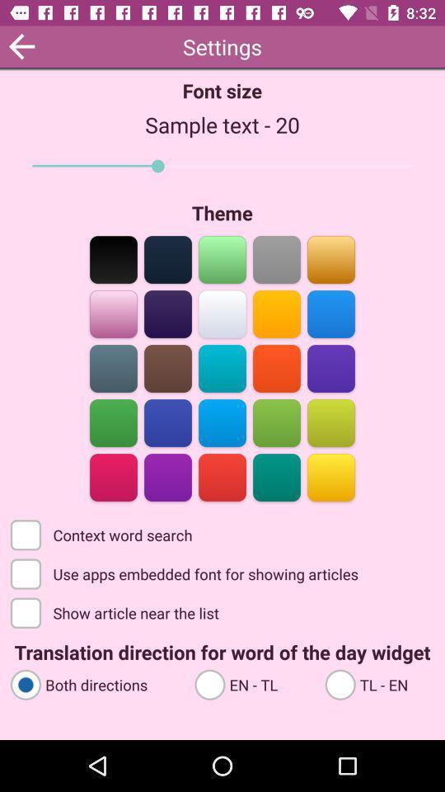 This screenshot has height=792, width=445. Describe the element at coordinates (222, 421) in the screenshot. I see `theme color option` at that location.